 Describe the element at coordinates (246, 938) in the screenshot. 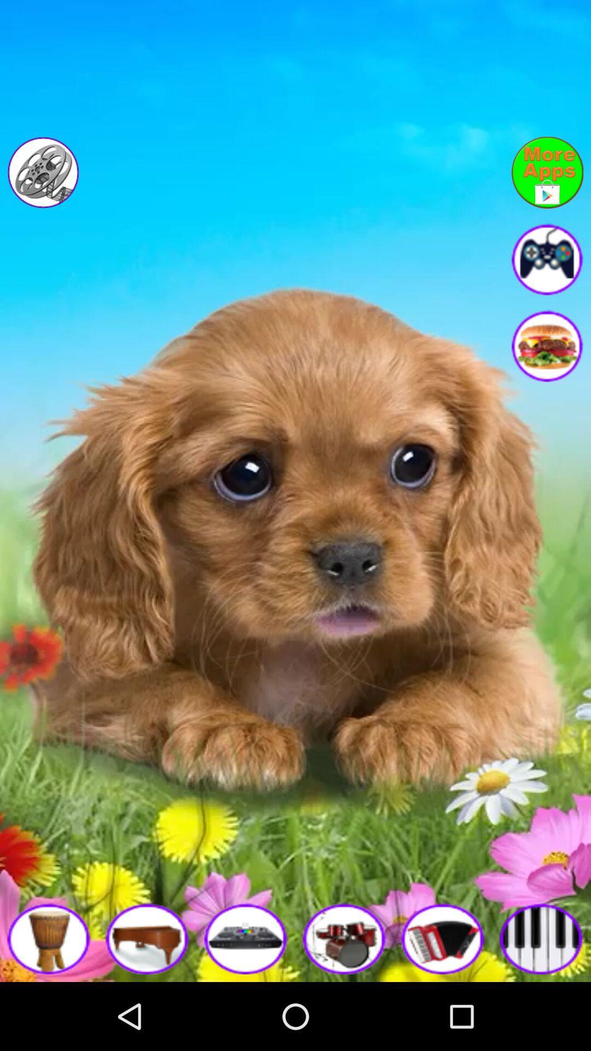

I see `electronic mix` at that location.